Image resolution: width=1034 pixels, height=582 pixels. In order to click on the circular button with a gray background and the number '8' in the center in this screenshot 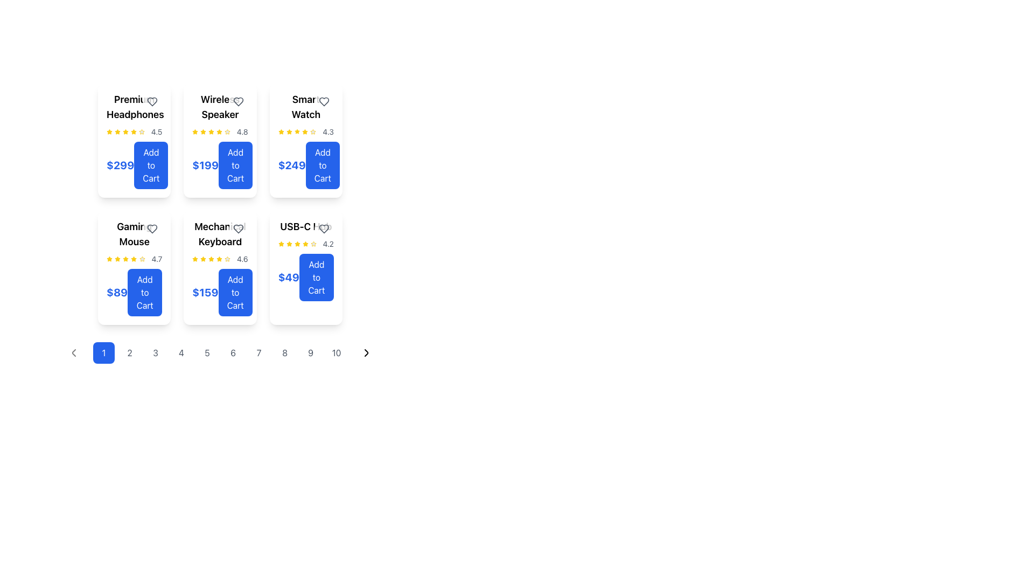, I will do `click(284, 353)`.